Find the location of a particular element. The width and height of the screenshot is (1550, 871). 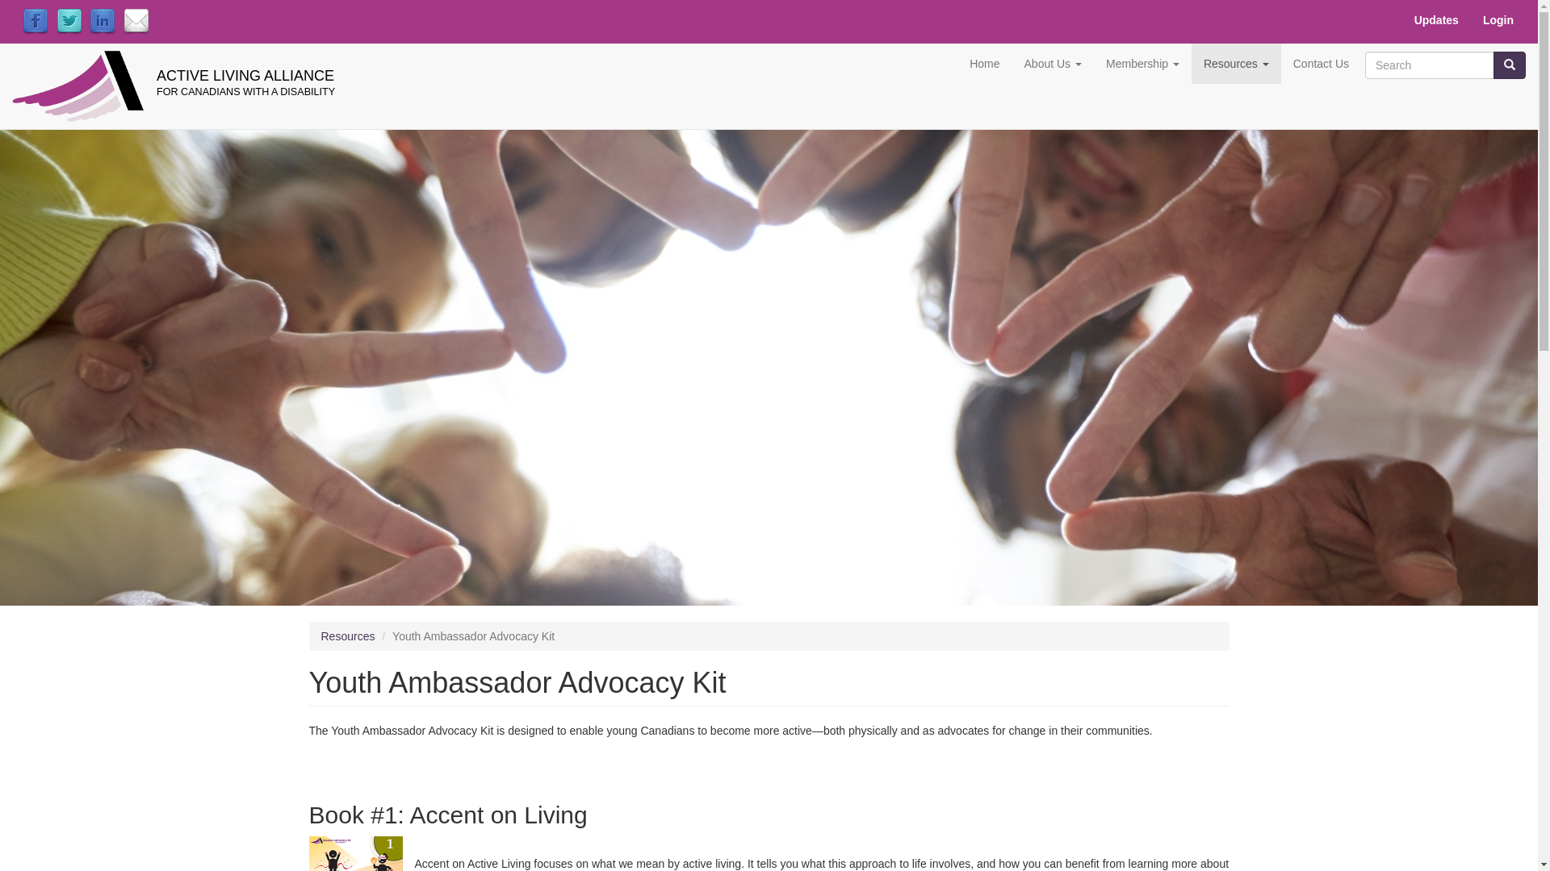

'ACTIVE LIVING ALLIANCE is located at coordinates (156, 67).